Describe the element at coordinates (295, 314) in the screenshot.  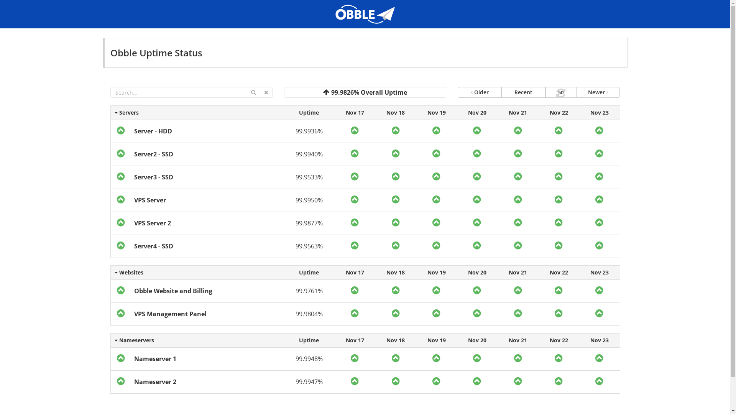
I see `'99.9804%'` at that location.